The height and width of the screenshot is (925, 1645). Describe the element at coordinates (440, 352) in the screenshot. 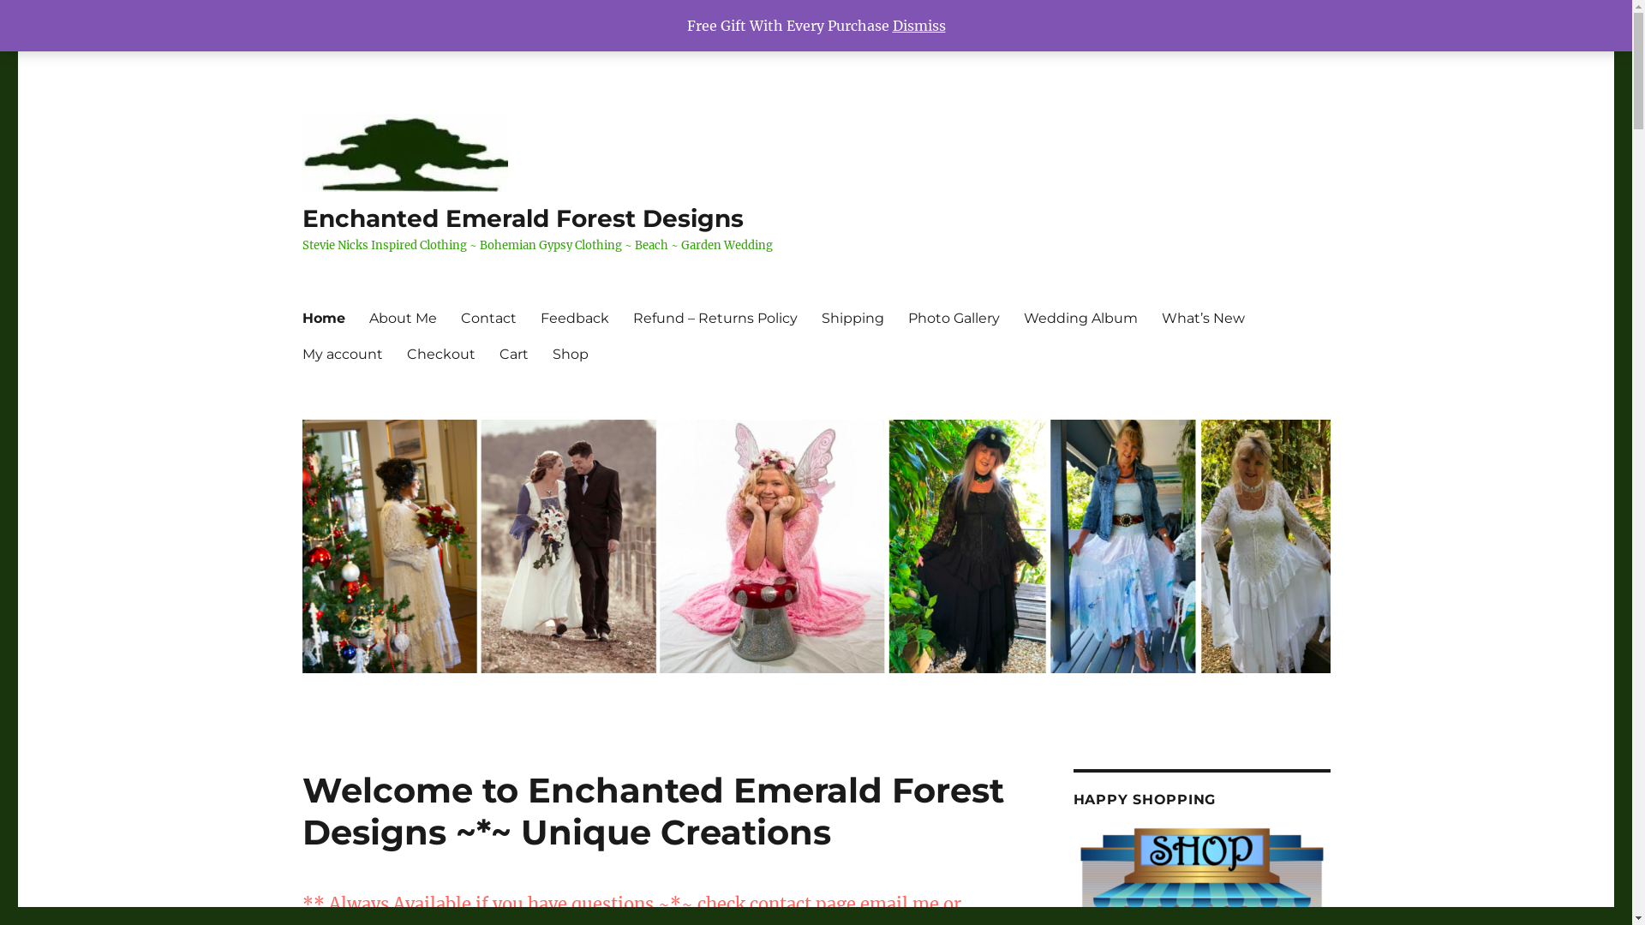

I see `'Checkout'` at that location.